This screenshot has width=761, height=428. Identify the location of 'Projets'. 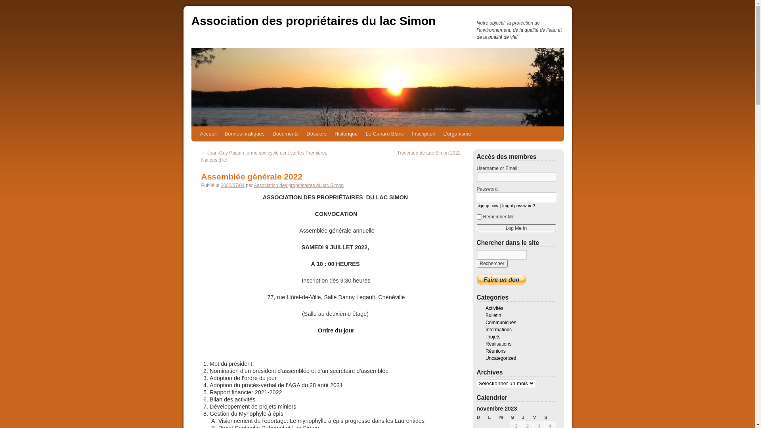
(492, 336).